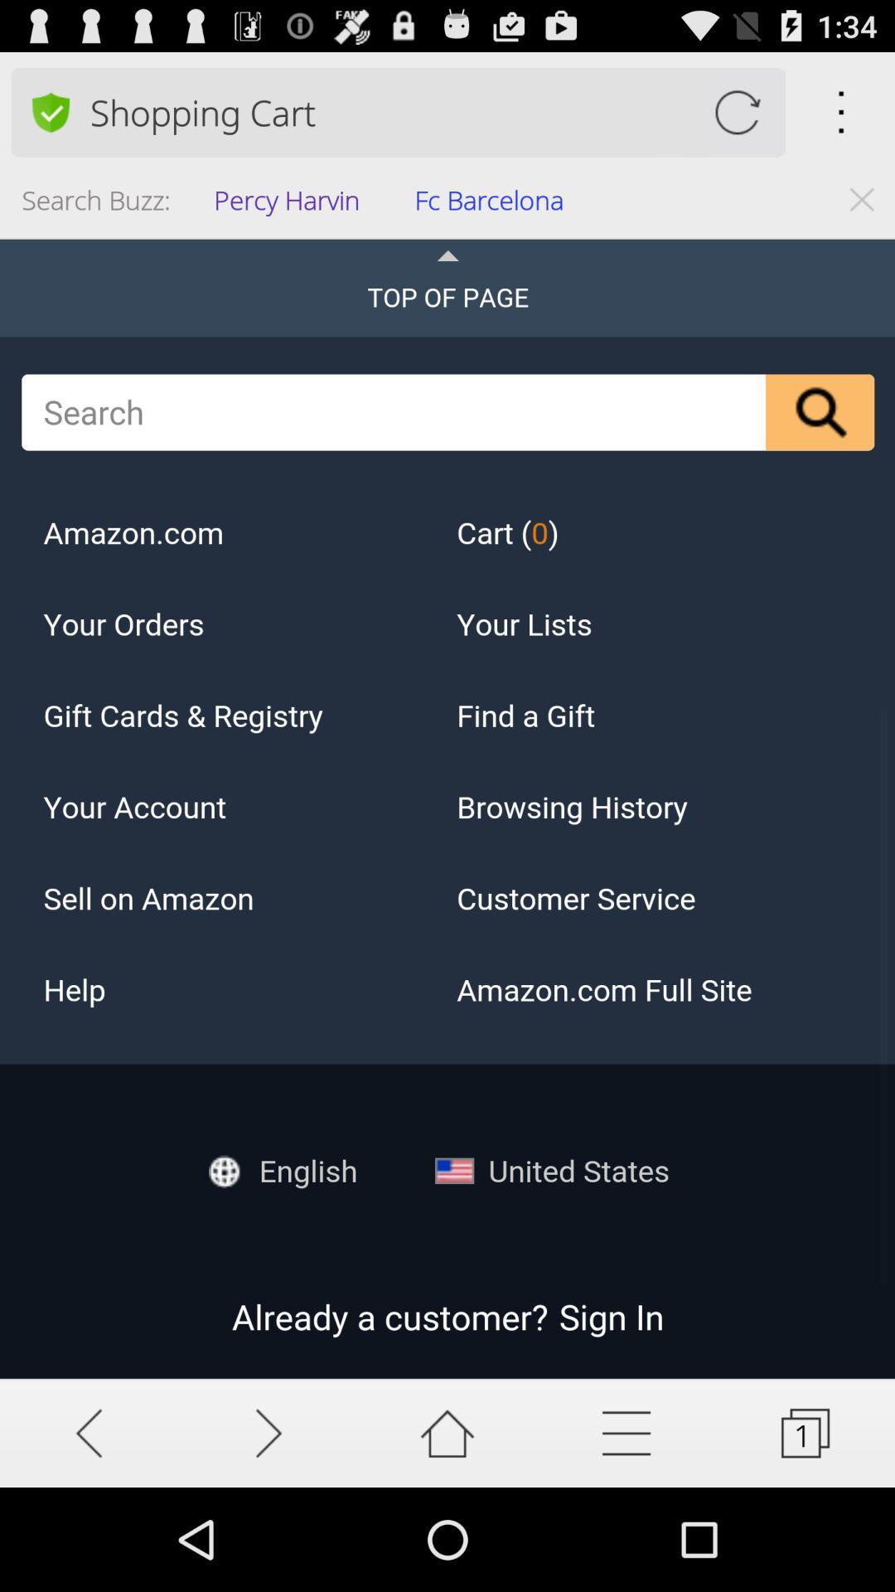 Image resolution: width=895 pixels, height=1592 pixels. What do you see at coordinates (50, 111) in the screenshot?
I see `check if website is secure` at bounding box center [50, 111].